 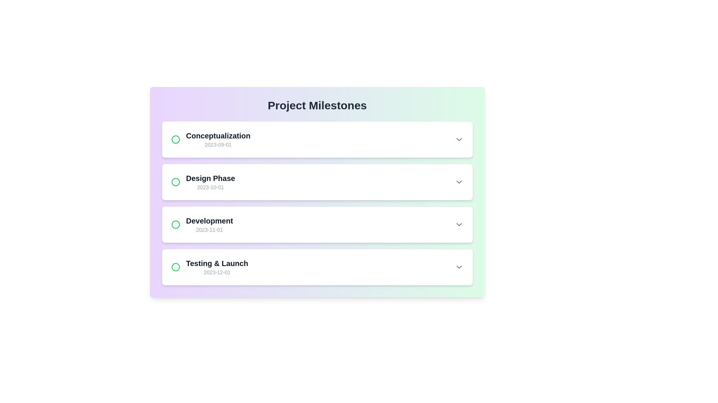 What do you see at coordinates (217, 263) in the screenshot?
I see `the text label that describes the milestone 'Testing & Launch', which is located in the fourth row of the milestone list, aligned to the left, above the date '2023-12-01'` at bounding box center [217, 263].